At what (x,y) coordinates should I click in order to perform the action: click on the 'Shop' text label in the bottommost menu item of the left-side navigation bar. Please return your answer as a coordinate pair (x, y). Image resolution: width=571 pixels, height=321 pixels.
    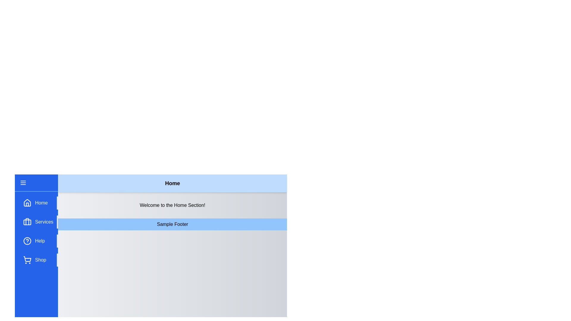
    Looking at the image, I should click on (40, 260).